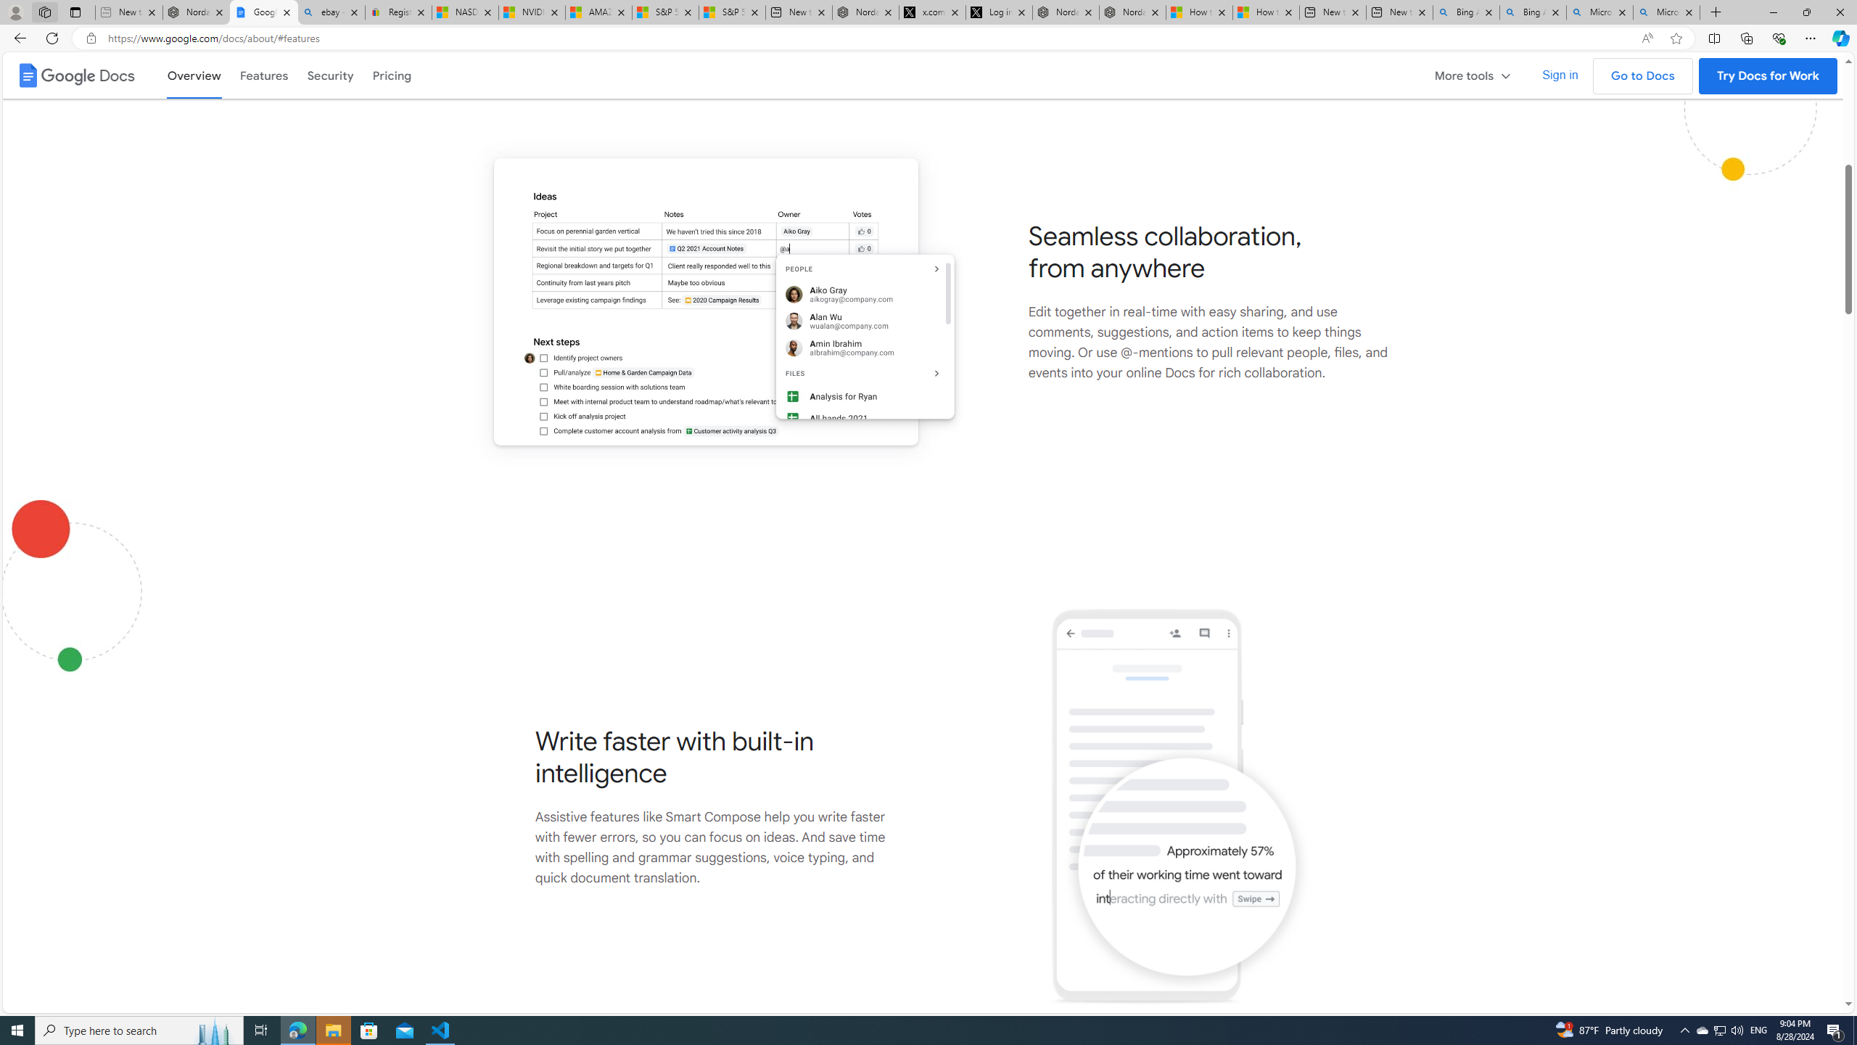  What do you see at coordinates (1665, 12) in the screenshot?
I see `'Microsoft Bing Timeline - Search'` at bounding box center [1665, 12].